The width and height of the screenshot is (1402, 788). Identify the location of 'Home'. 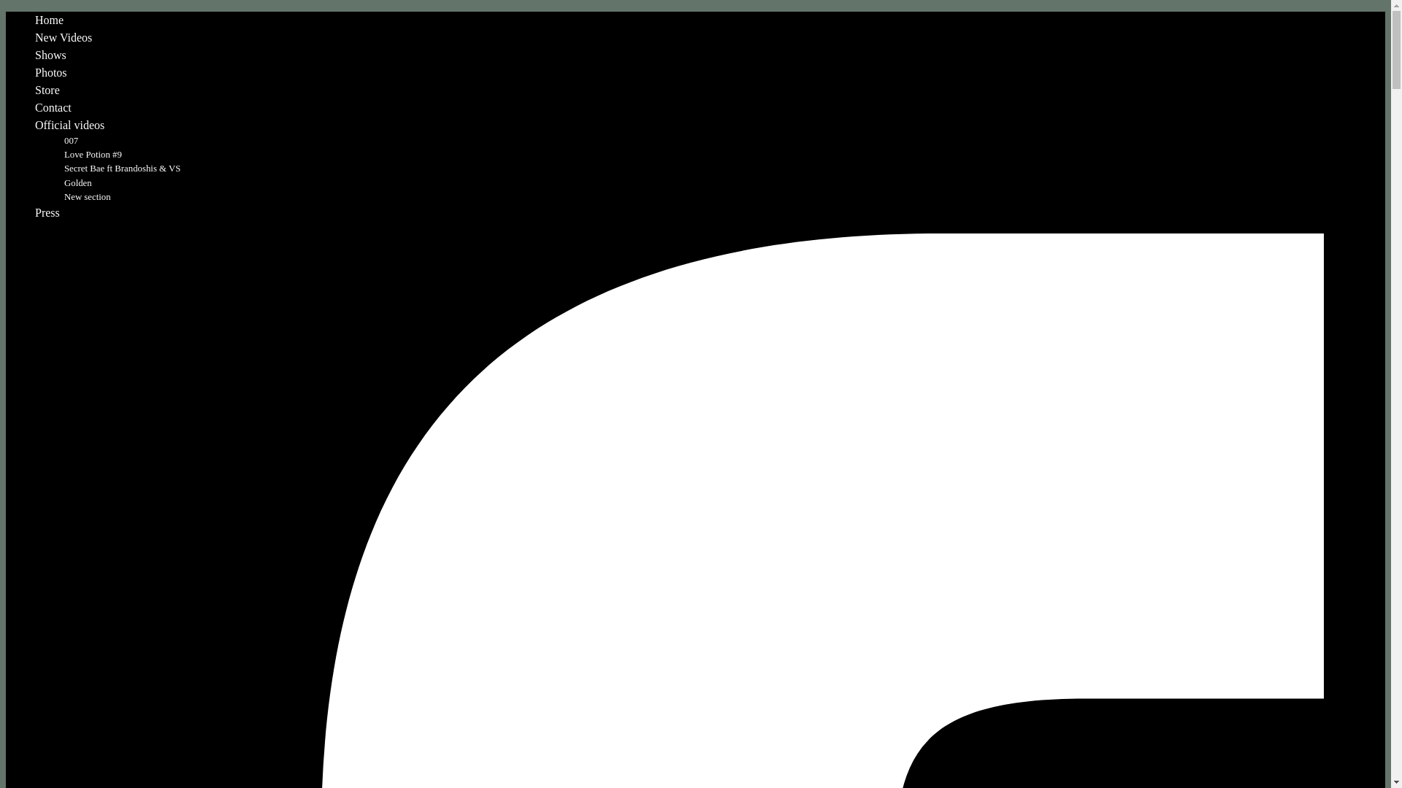
(49, 20).